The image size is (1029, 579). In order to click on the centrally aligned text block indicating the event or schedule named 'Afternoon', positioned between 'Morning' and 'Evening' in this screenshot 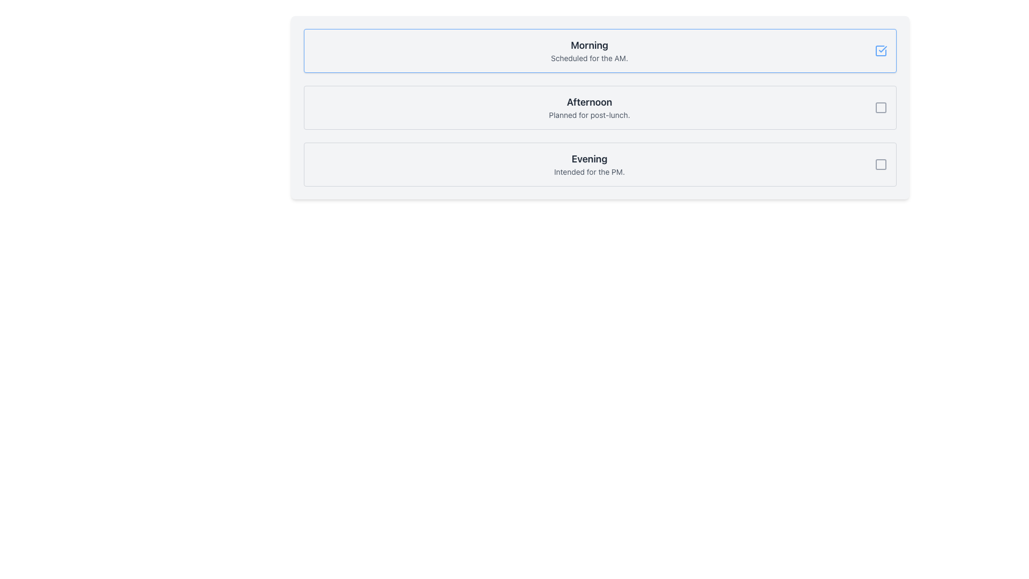, I will do `click(588, 107)`.